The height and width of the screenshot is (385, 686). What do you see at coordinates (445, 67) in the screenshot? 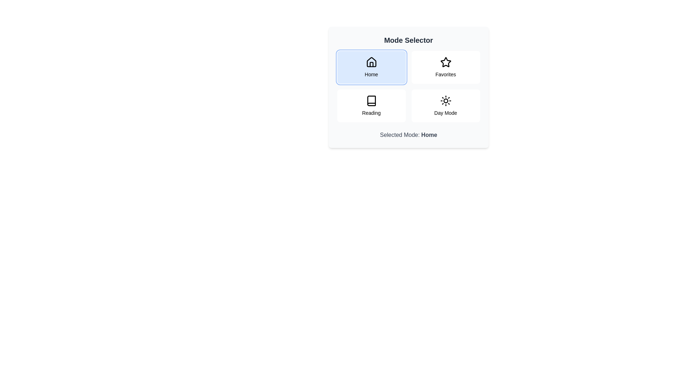
I see `the button corresponding to the mode Favorites` at bounding box center [445, 67].